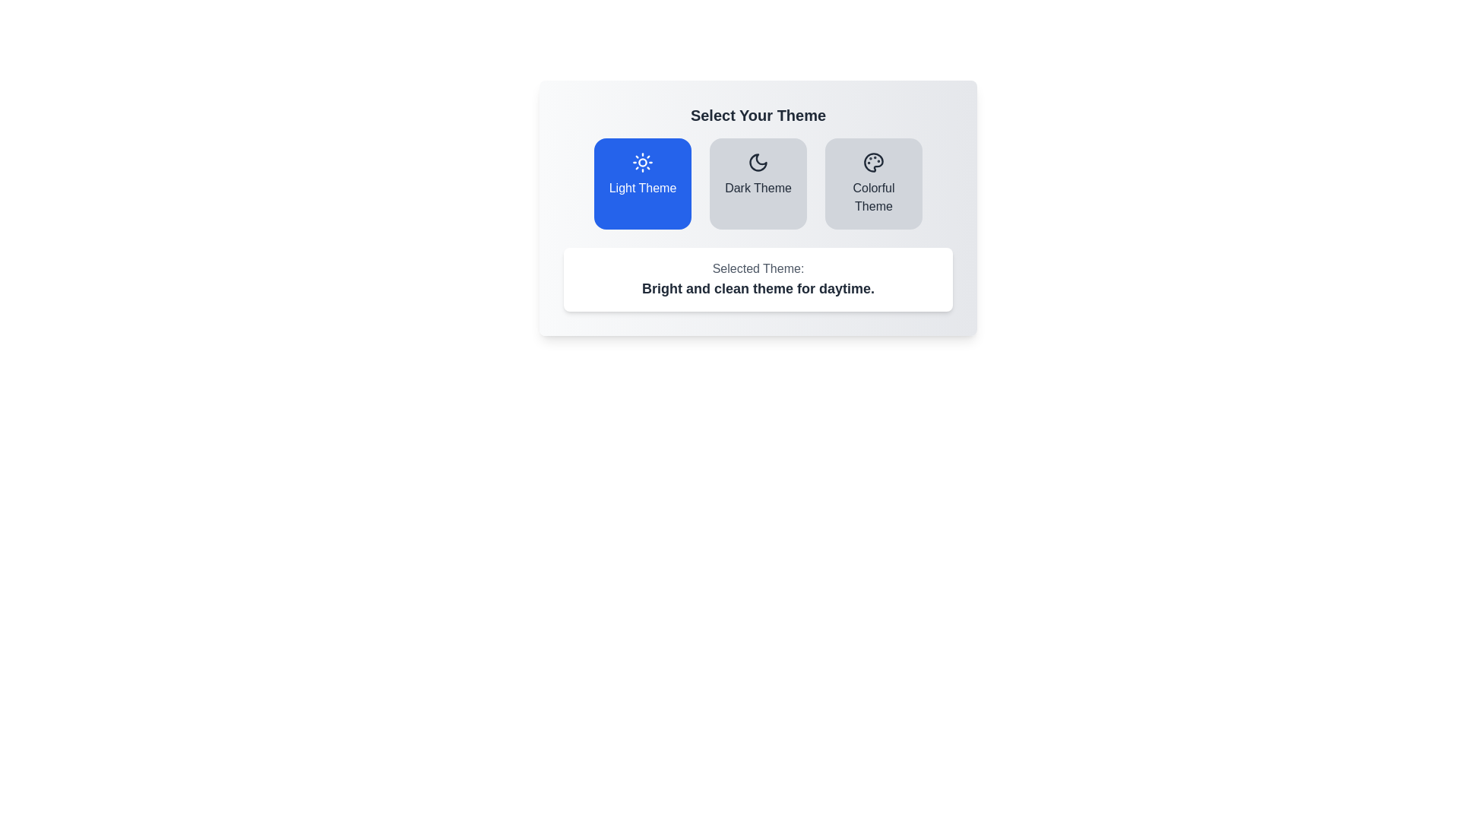 The image size is (1459, 821). What do you see at coordinates (758, 183) in the screenshot?
I see `the theme button labeled Dark Theme` at bounding box center [758, 183].